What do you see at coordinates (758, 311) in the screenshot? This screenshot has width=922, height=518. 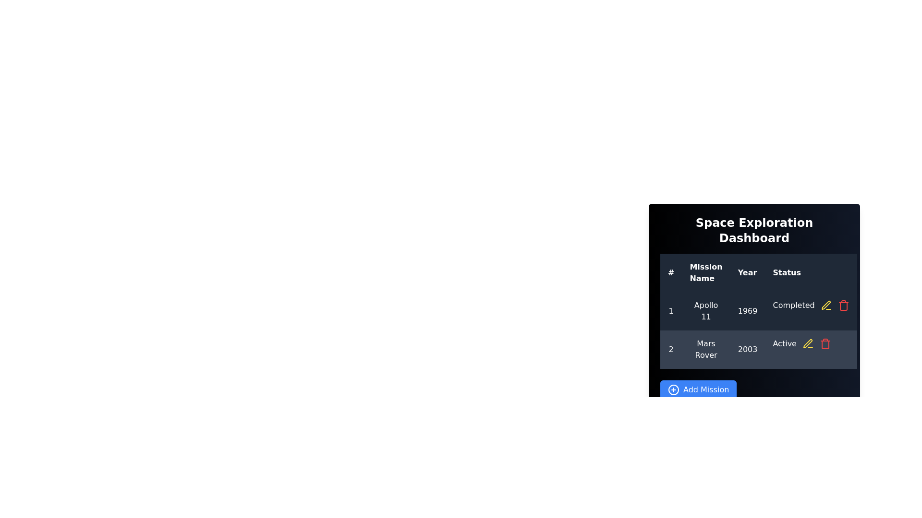 I see `the first row of the table displaying the mission 'Apollo 11', which includes the index '1', year '1969', and status 'Completed', to trigger any hover-specific functionality` at bounding box center [758, 311].